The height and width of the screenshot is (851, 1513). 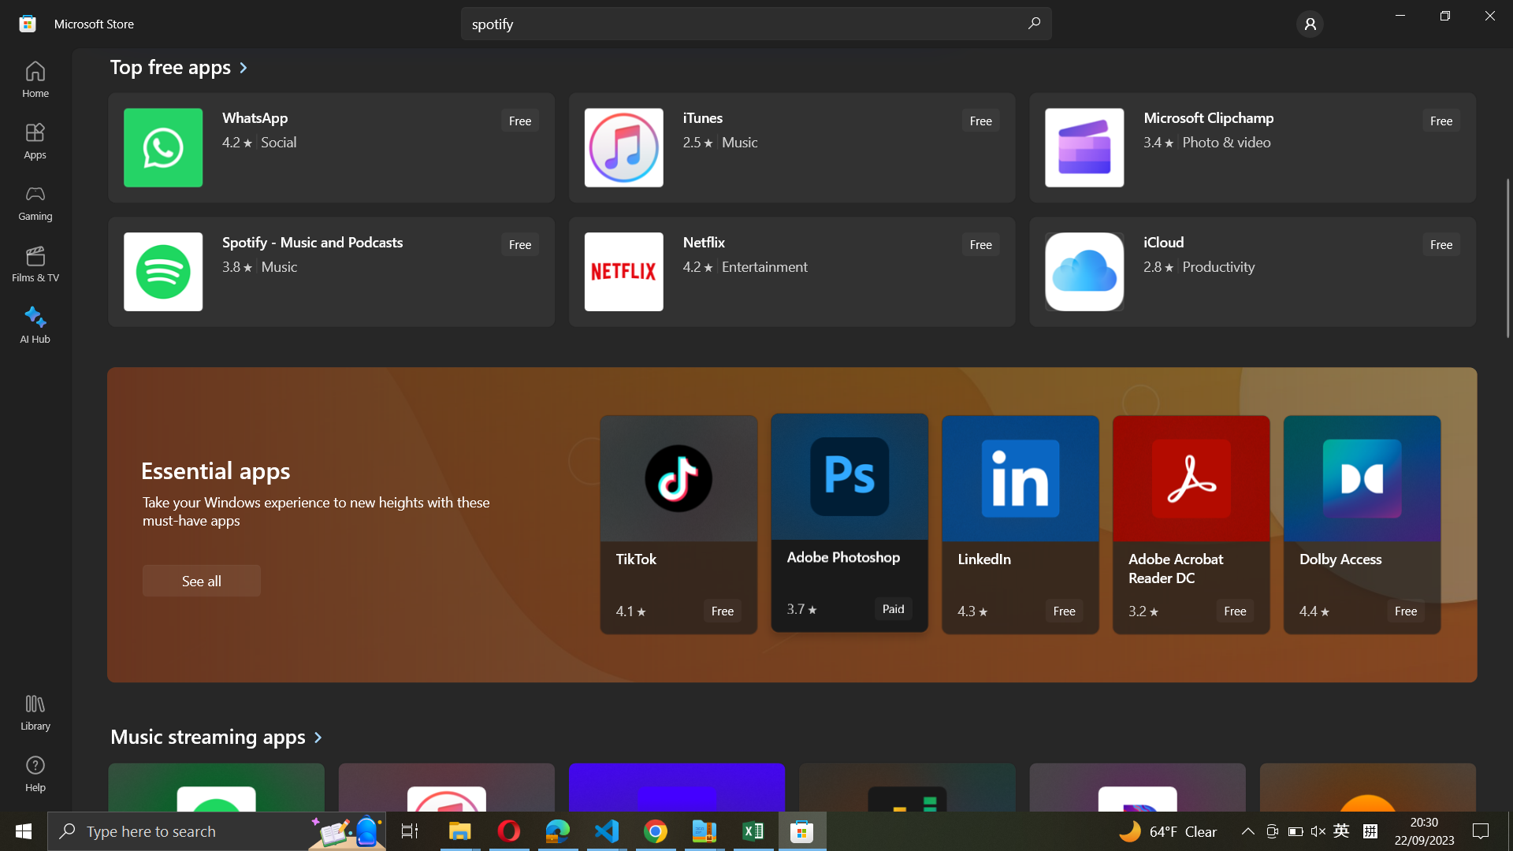 What do you see at coordinates (328, 269) in the screenshot?
I see `Spotify Application` at bounding box center [328, 269].